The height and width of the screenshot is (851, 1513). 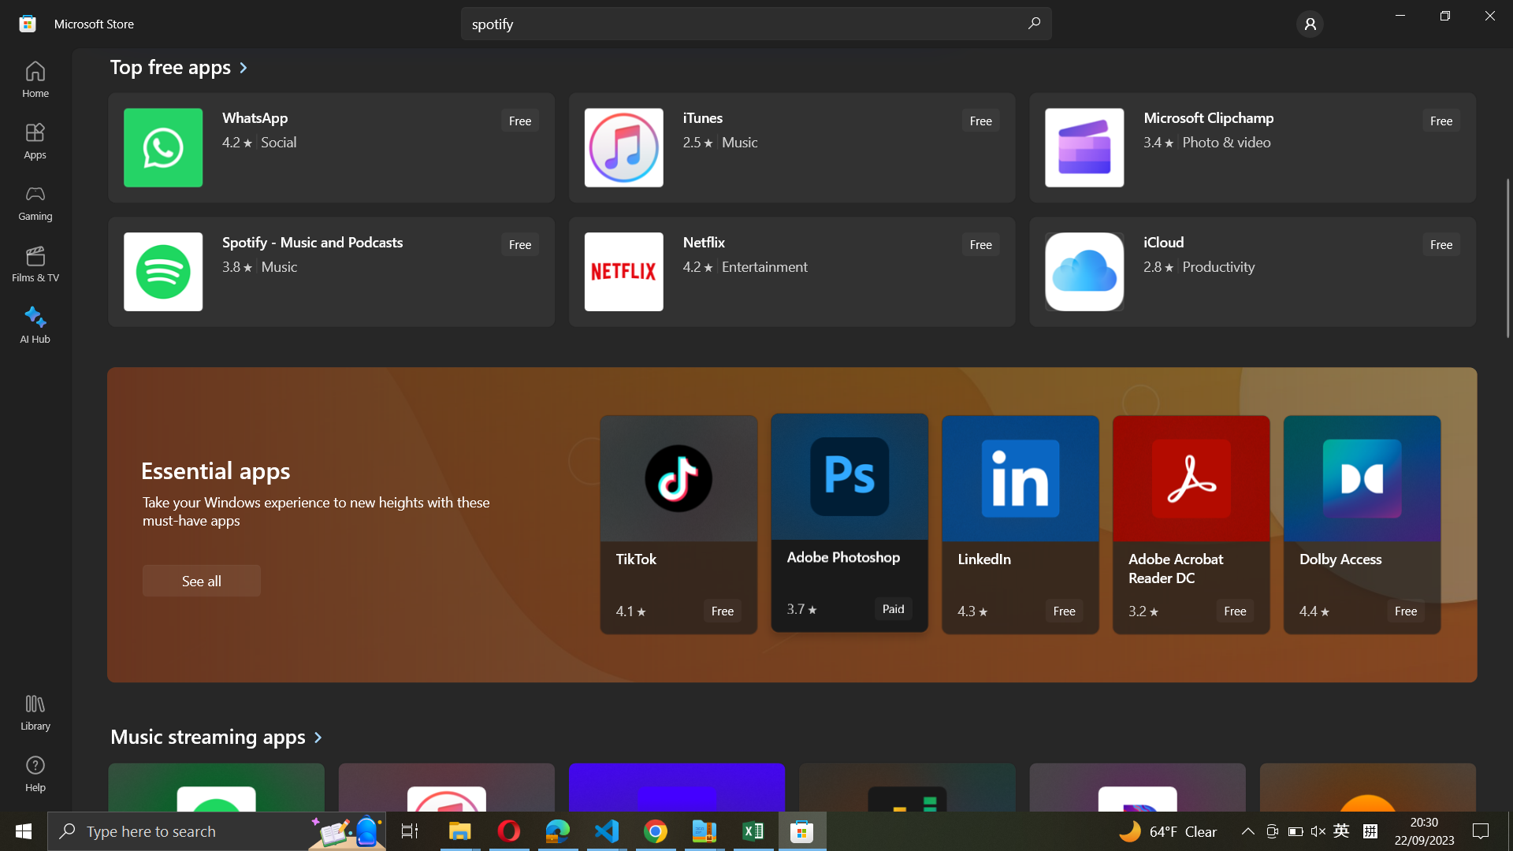 What do you see at coordinates (328, 269) in the screenshot?
I see `Spotify Application` at bounding box center [328, 269].